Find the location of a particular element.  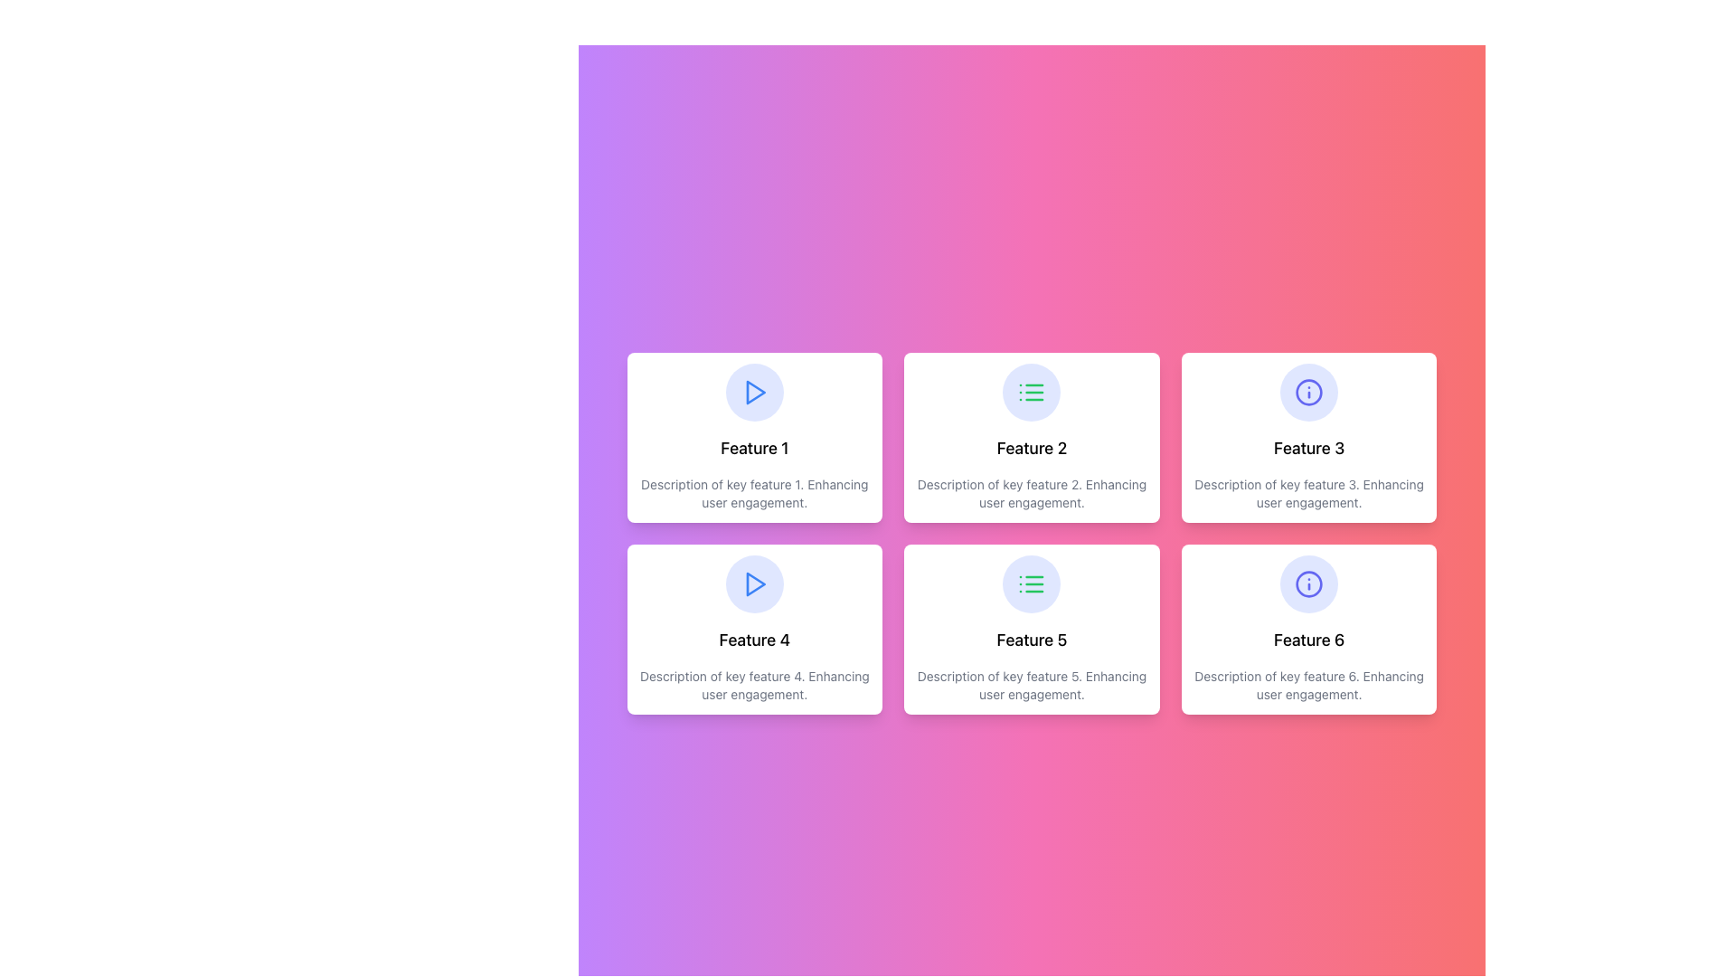

the first Informational card located at the top-left corner of the grid layout is located at coordinates (754, 437).